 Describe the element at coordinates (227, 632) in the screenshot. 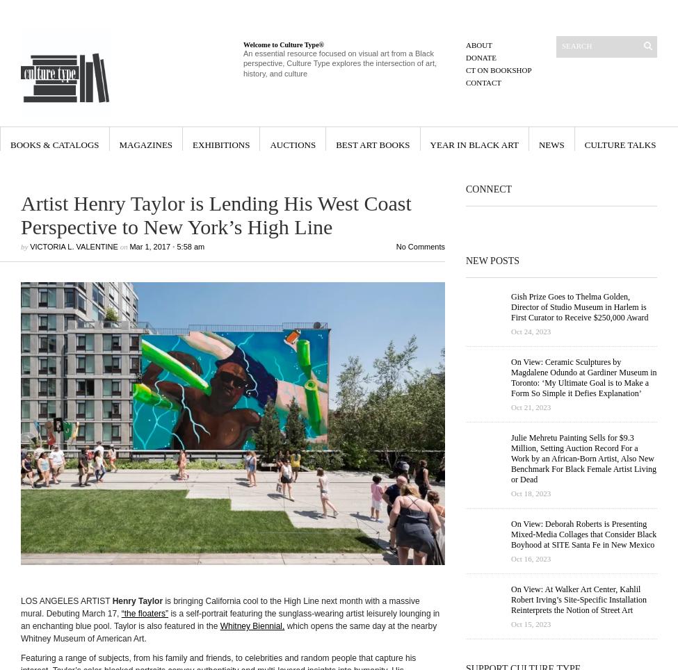

I see `'which opens the same day at the nearby Whitney Museum of American Art.'` at that location.